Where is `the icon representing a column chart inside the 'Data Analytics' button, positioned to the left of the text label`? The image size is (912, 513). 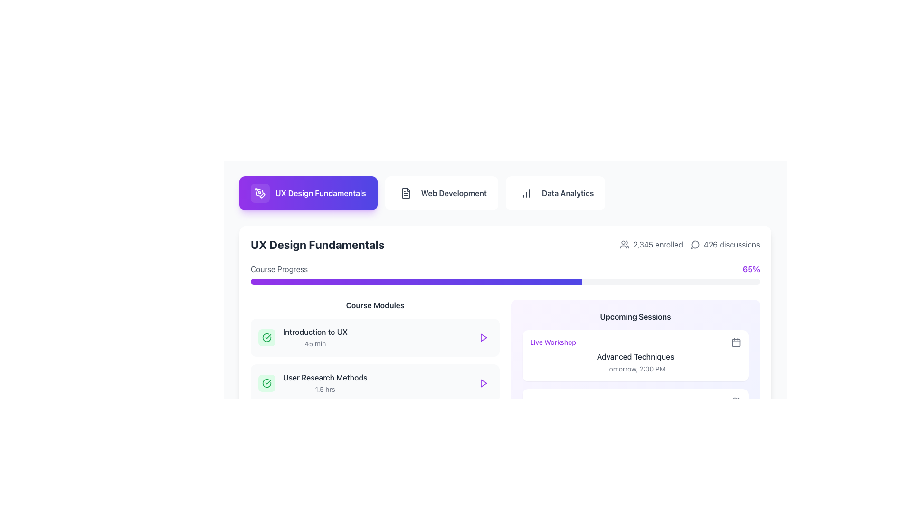
the icon representing a column chart inside the 'Data Analytics' button, positioned to the left of the text label is located at coordinates (526, 193).